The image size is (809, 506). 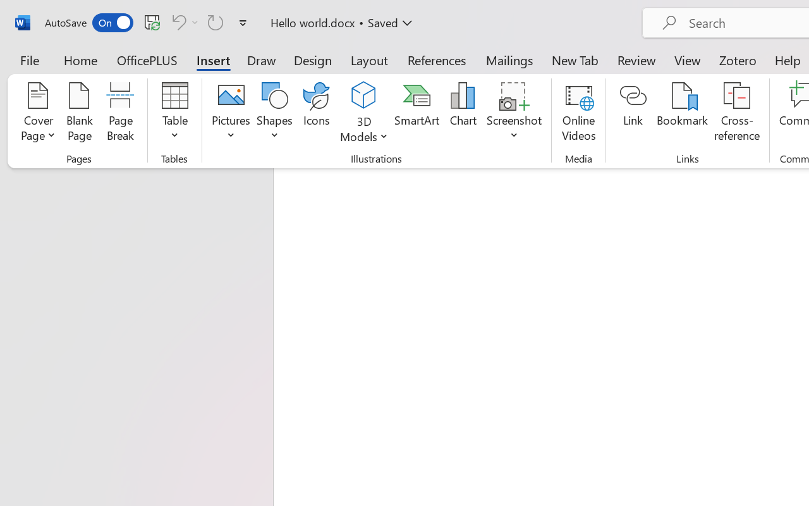 What do you see at coordinates (152, 22) in the screenshot?
I see `'Save'` at bounding box center [152, 22].